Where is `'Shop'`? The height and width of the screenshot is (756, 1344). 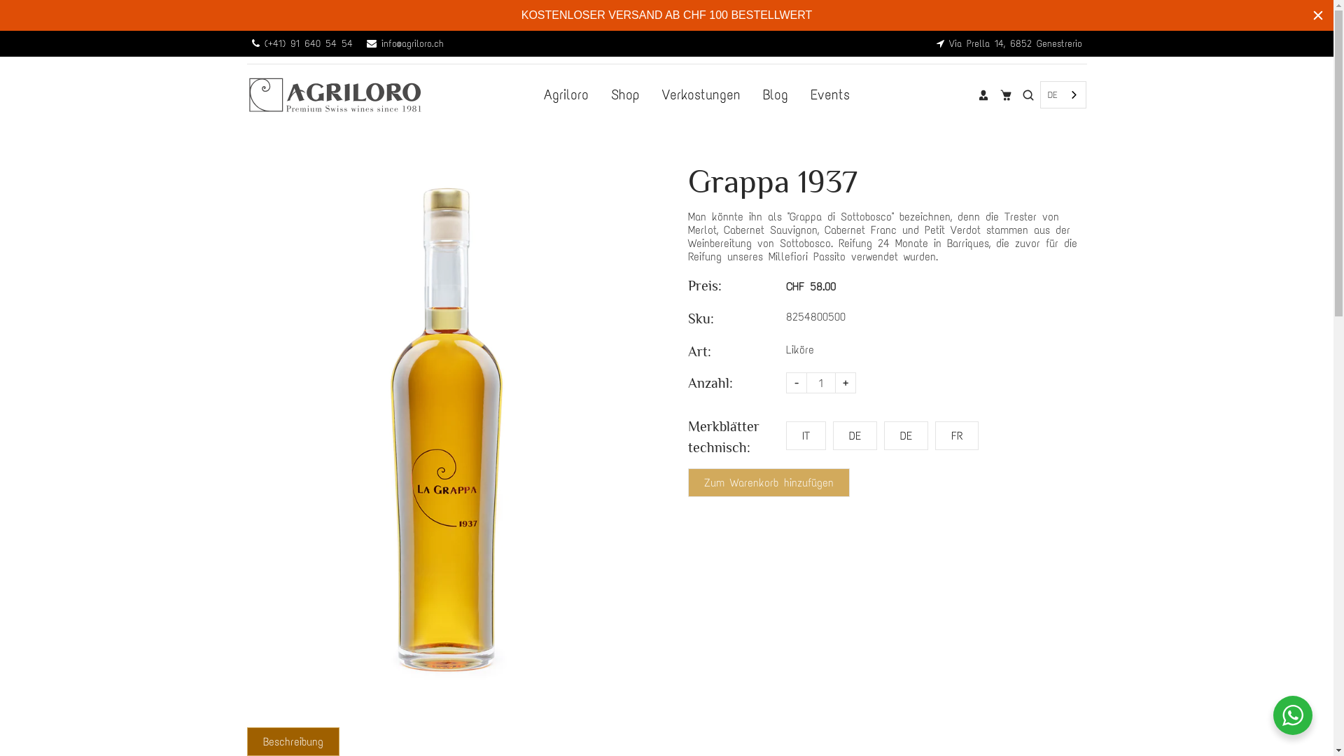 'Shop' is located at coordinates (624, 94).